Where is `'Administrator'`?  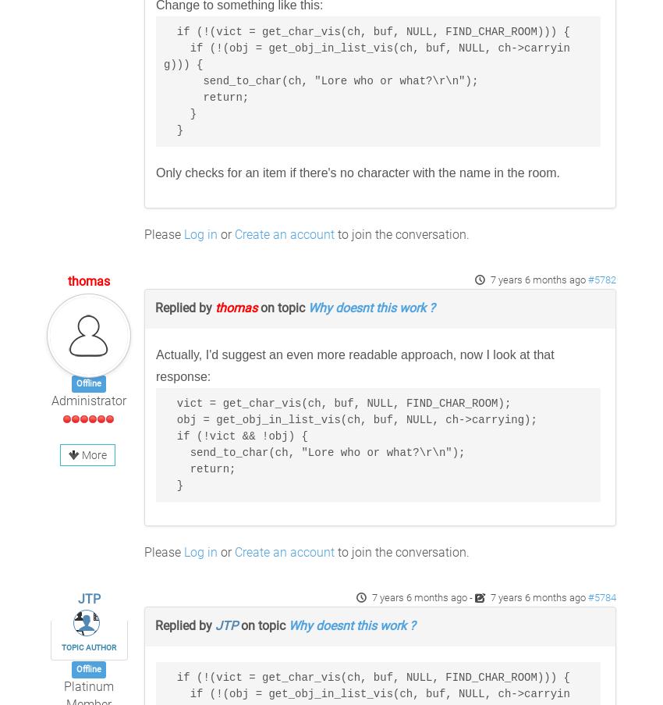 'Administrator' is located at coordinates (87, 401).